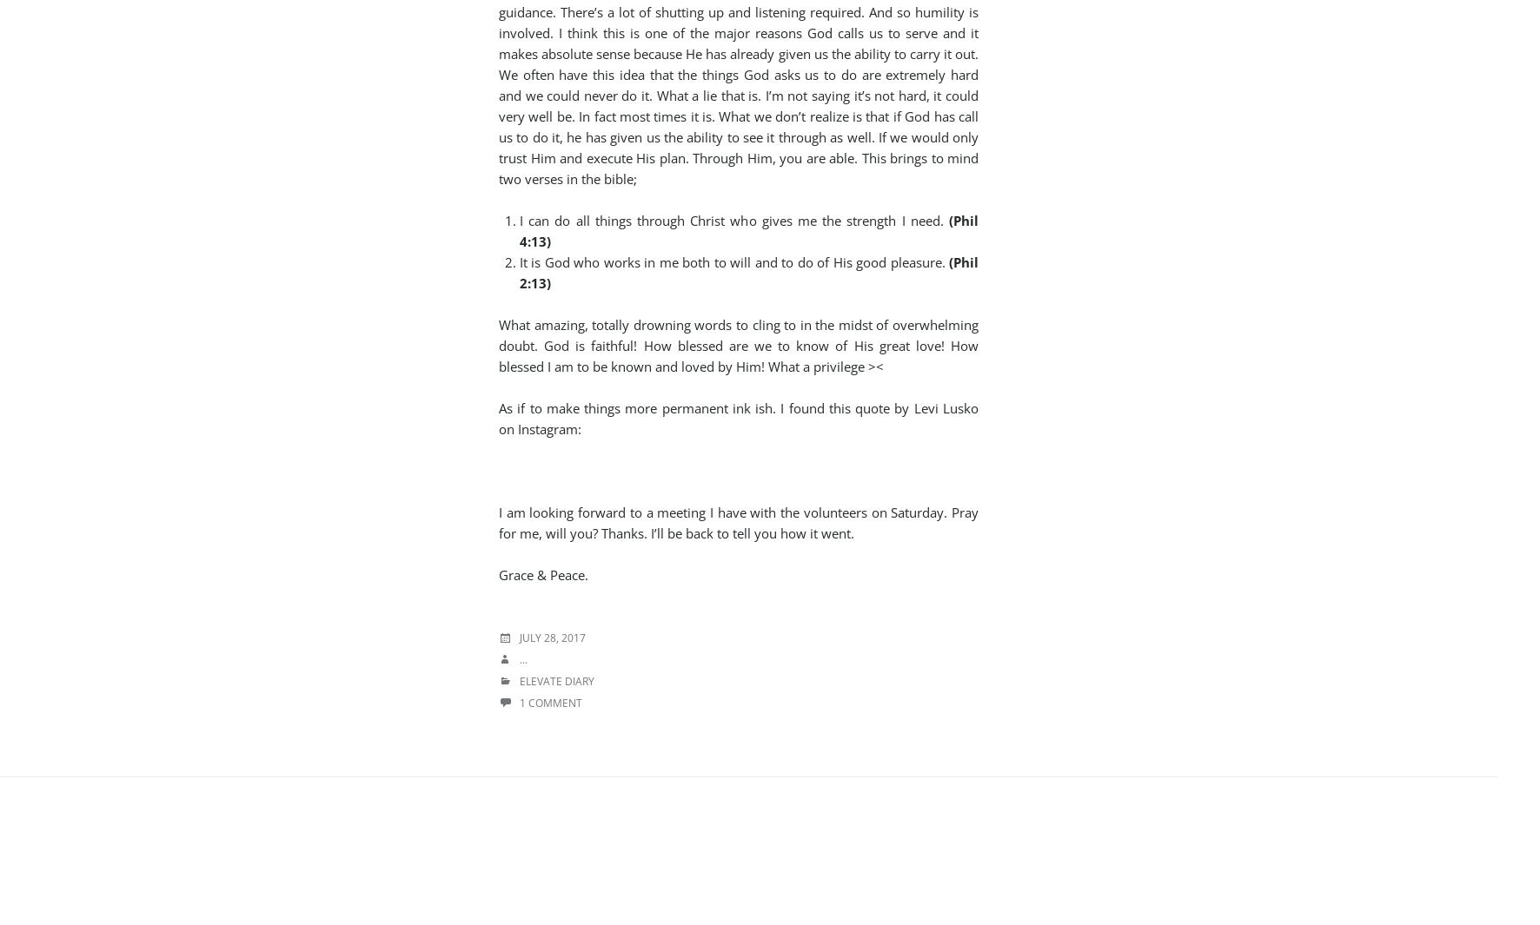 Image resolution: width=1540 pixels, height=925 pixels. Describe the element at coordinates (556, 681) in the screenshot. I see `'Elevate Diary'` at that location.